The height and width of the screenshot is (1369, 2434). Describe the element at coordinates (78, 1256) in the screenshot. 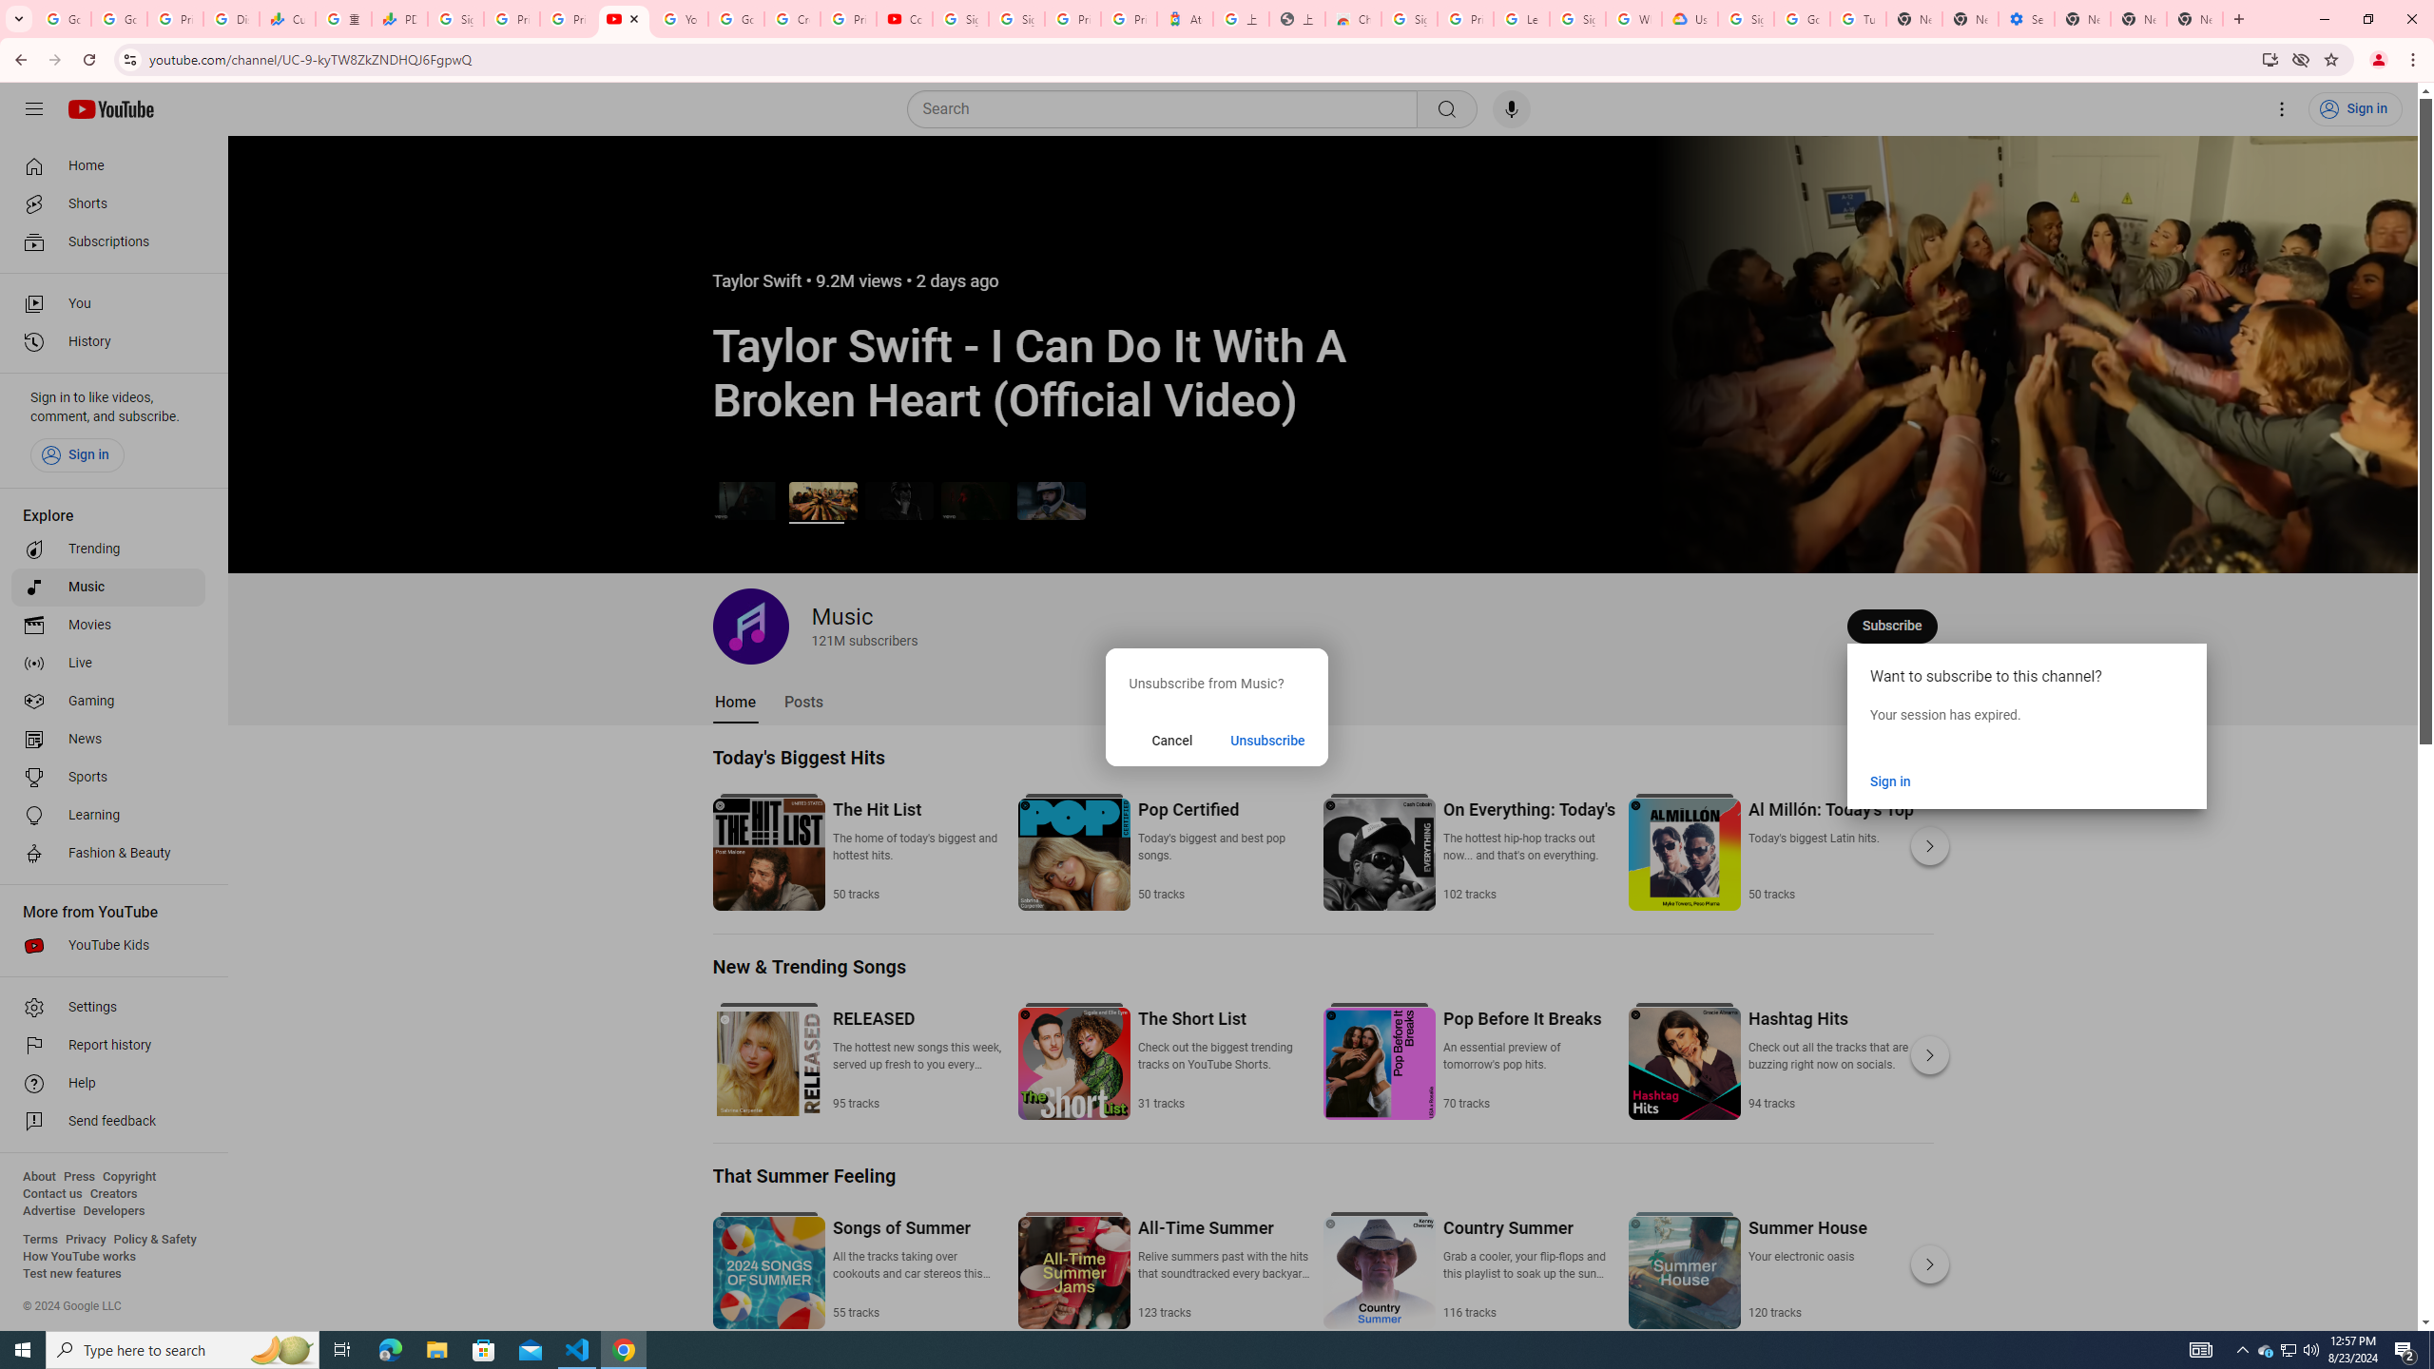

I see `'How YouTube works'` at that location.